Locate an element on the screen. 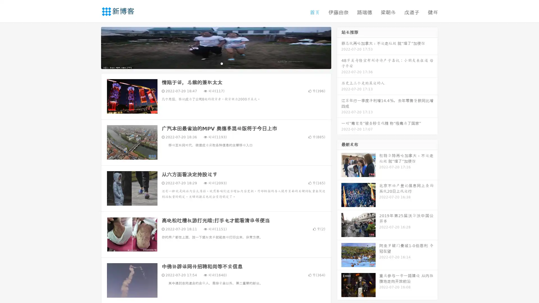  Go to slide 1 is located at coordinates (210, 63).